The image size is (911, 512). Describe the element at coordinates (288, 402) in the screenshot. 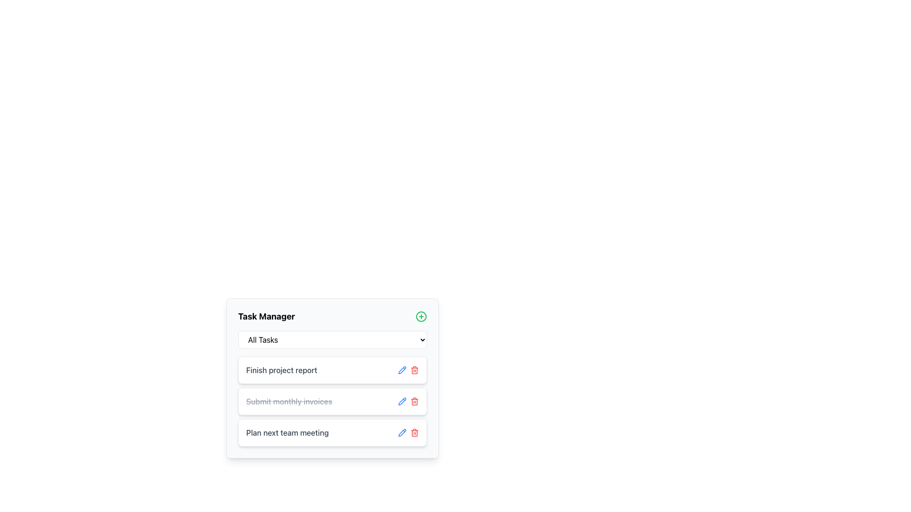

I see `the text element that reads 'Submit monthly invoices', which is styled with a gray color and has a line-through decoration, indicating it might represent a completed task` at that location.